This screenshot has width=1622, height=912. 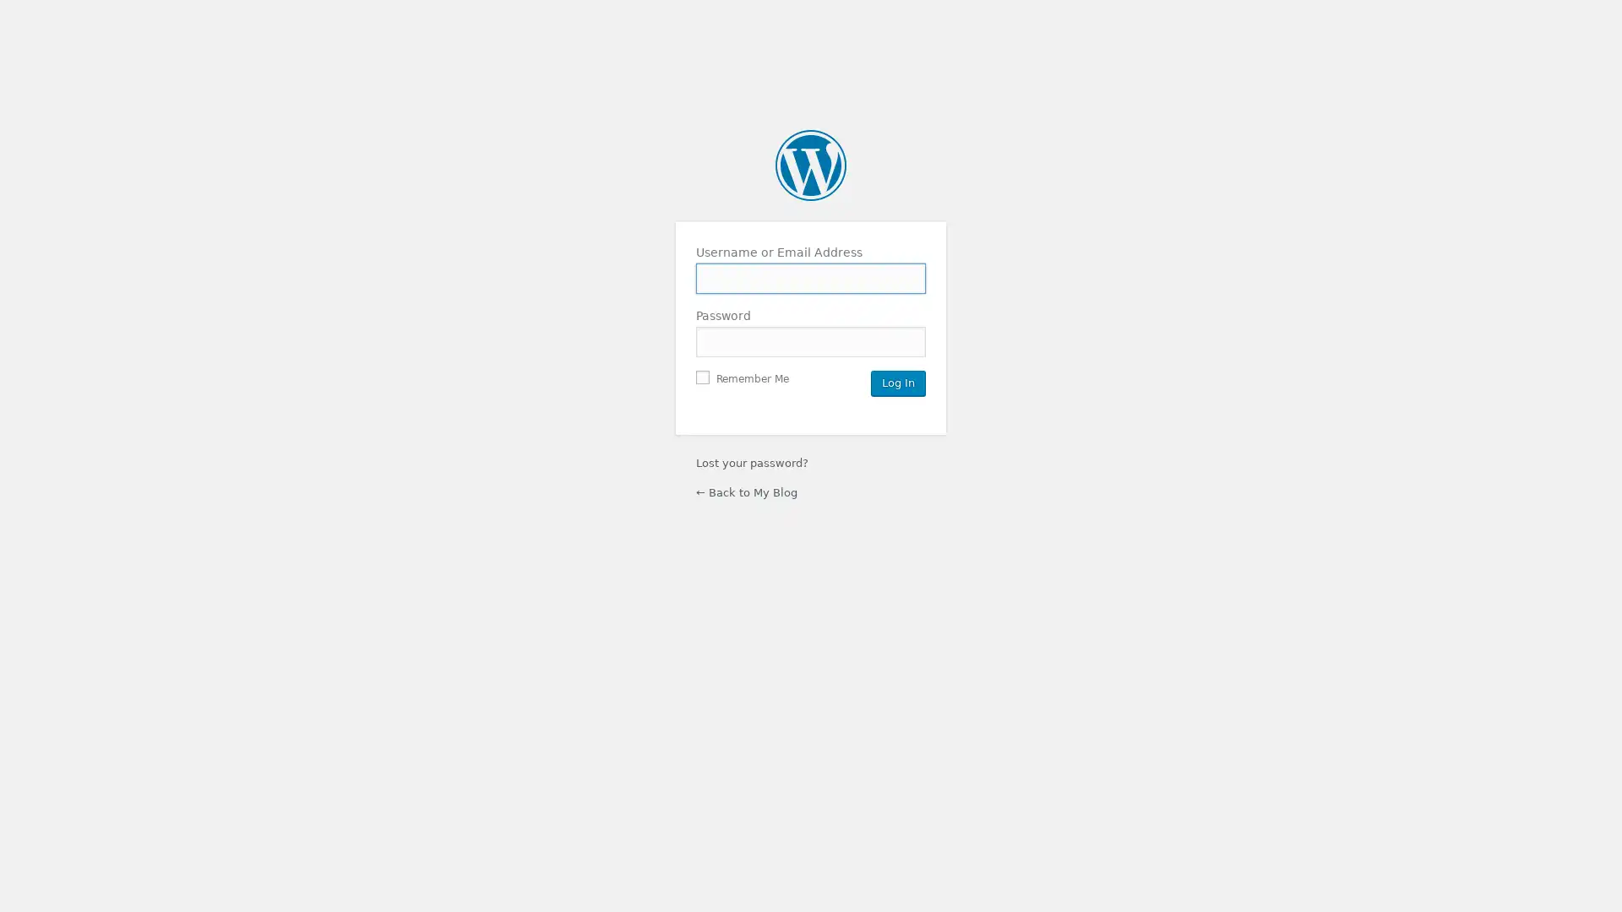 What do you see at coordinates (897, 382) in the screenshot?
I see `Log In` at bounding box center [897, 382].